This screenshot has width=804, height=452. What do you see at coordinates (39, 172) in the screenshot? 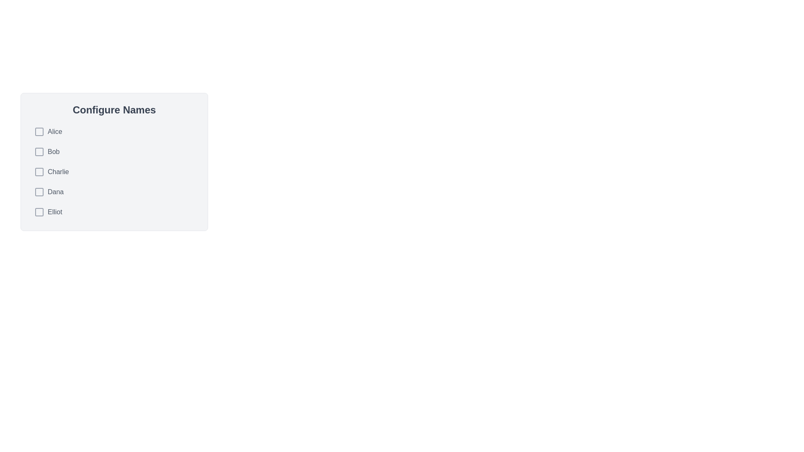
I see `the checkbox labeled 'Charlie' located under the heading 'Configure Names.' This checkbox is the third in a vertical list, positioned closely to the left of the label` at bounding box center [39, 172].